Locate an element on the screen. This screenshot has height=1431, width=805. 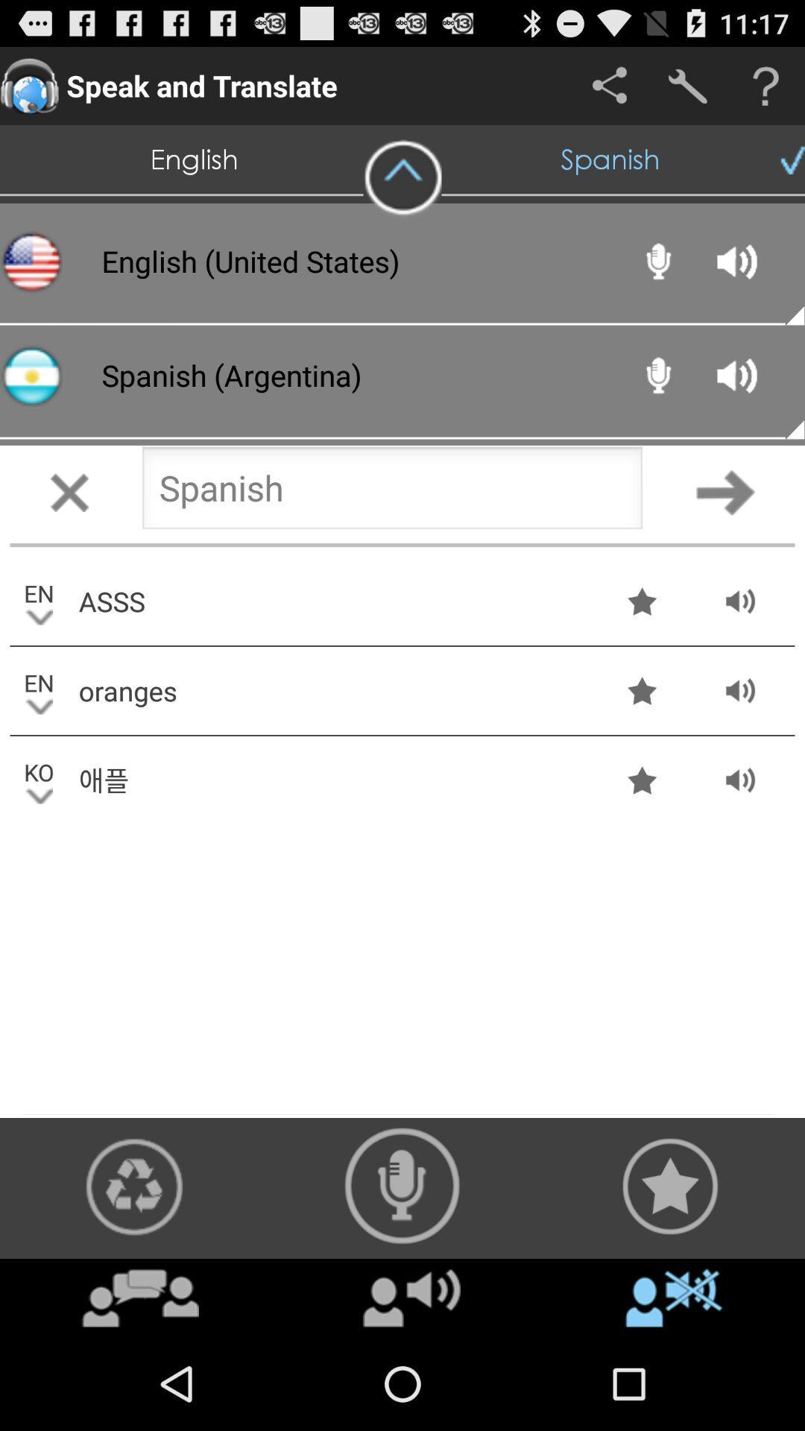
icon above the english (united states) item is located at coordinates (402, 178).